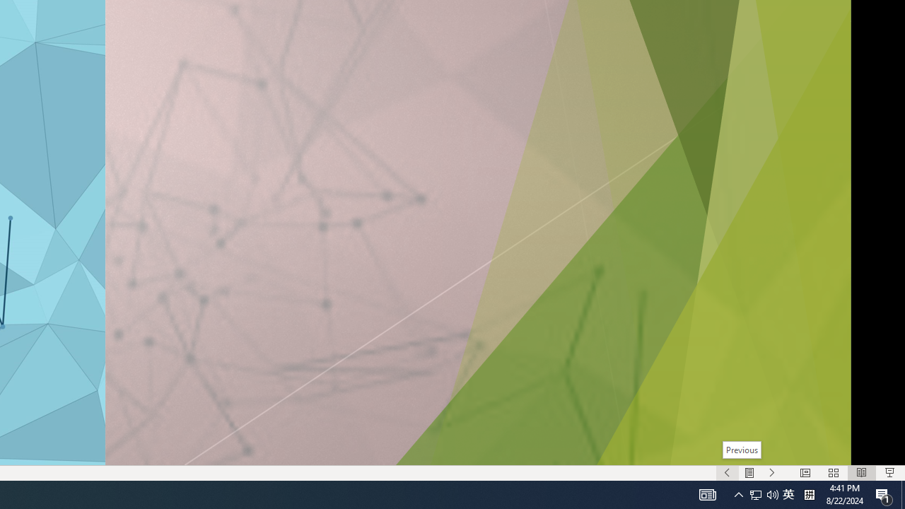  What do you see at coordinates (749, 473) in the screenshot?
I see `'Menu On'` at bounding box center [749, 473].